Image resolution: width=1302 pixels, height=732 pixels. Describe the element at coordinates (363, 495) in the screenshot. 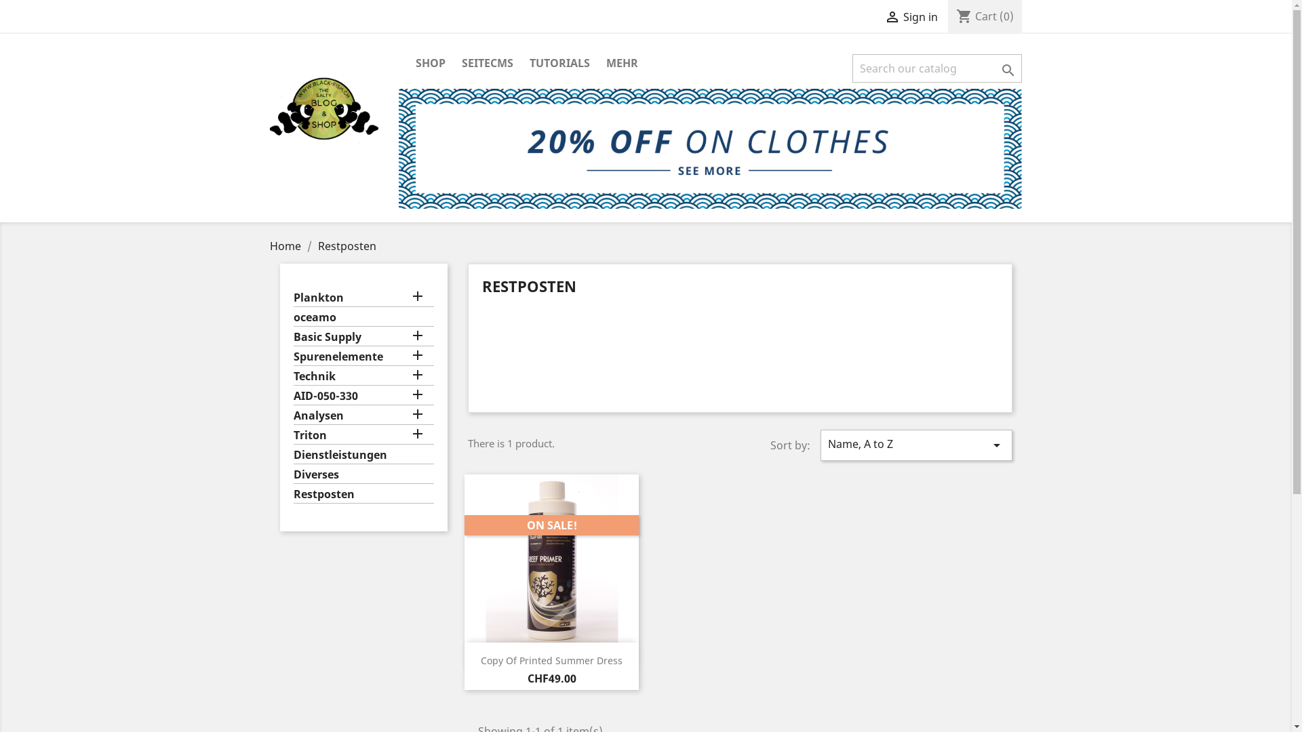

I see `'Restposten'` at that location.